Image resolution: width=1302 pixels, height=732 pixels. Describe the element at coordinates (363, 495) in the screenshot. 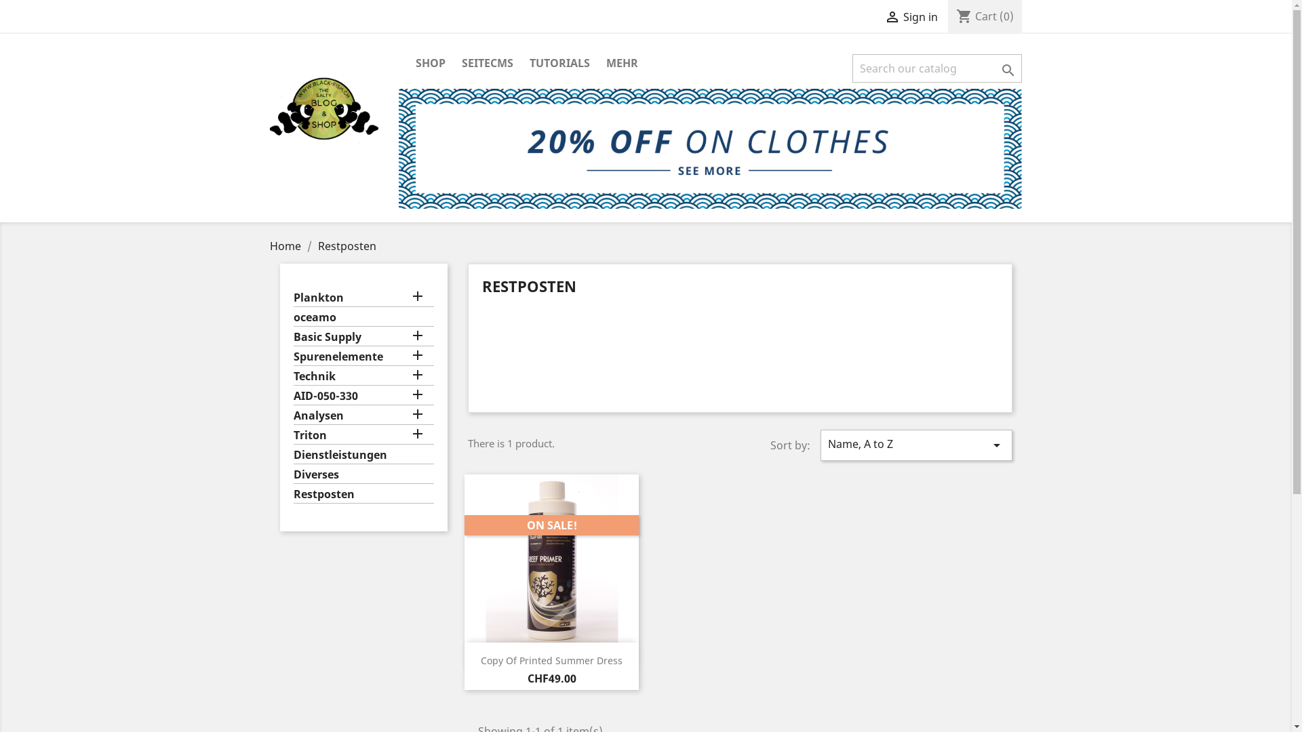

I see `'Restposten'` at that location.